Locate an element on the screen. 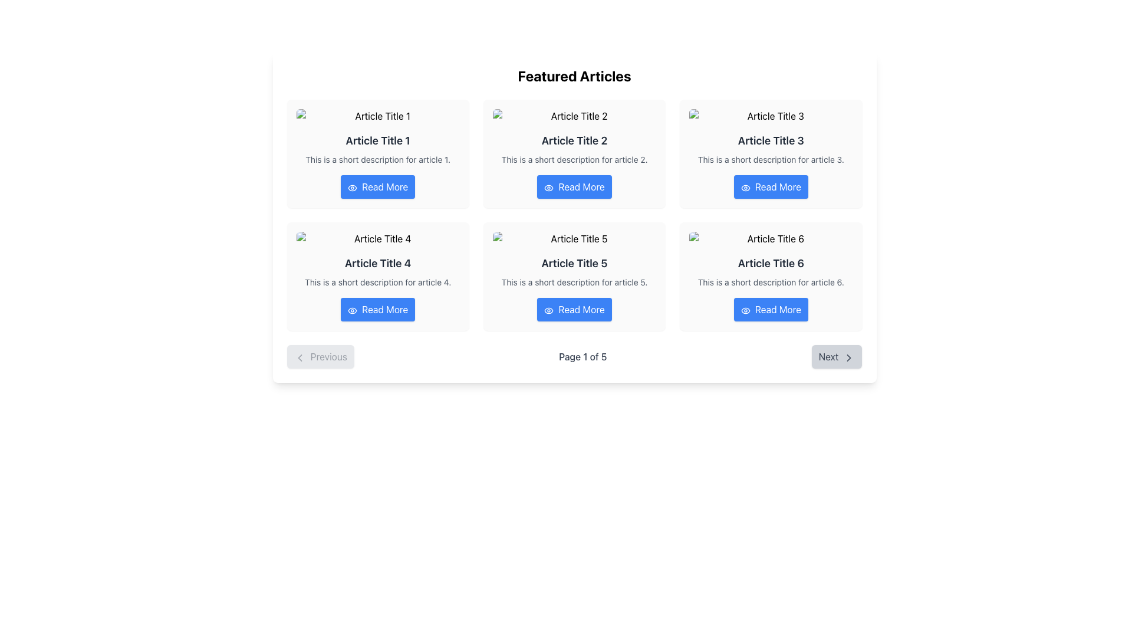 This screenshot has width=1132, height=637. graphical icon component located in the fourth card of the displayed grid, which likely indicates an action or conveys information visually, such as viewing details or visibility of an item is located at coordinates (352, 309).